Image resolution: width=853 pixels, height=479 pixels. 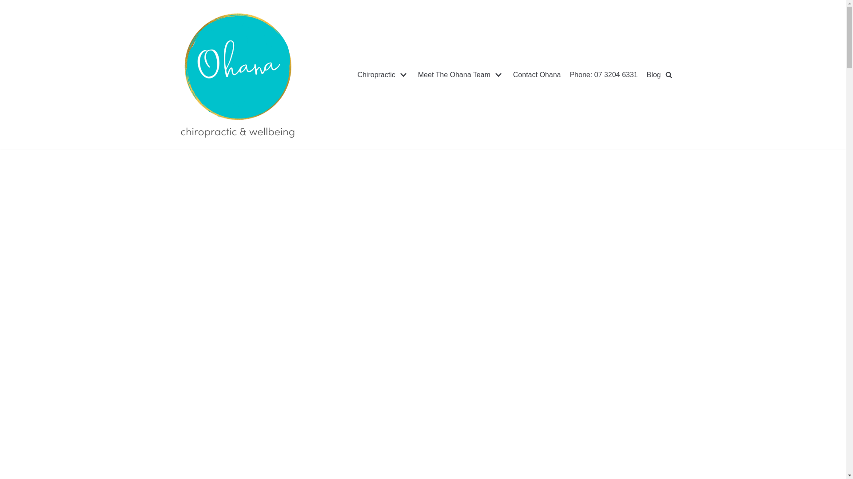 I want to click on 'Meet The Ohana Team', so click(x=417, y=75).